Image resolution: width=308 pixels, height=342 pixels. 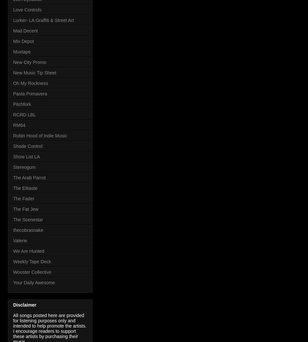 What do you see at coordinates (25, 30) in the screenshot?
I see `'Mad Decent'` at bounding box center [25, 30].